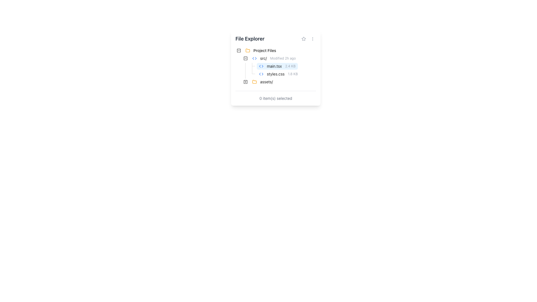 This screenshot has height=302, width=537. What do you see at coordinates (277, 66) in the screenshot?
I see `the file named 'main.tsx' located under the 'src/' folder in the file explorer` at bounding box center [277, 66].